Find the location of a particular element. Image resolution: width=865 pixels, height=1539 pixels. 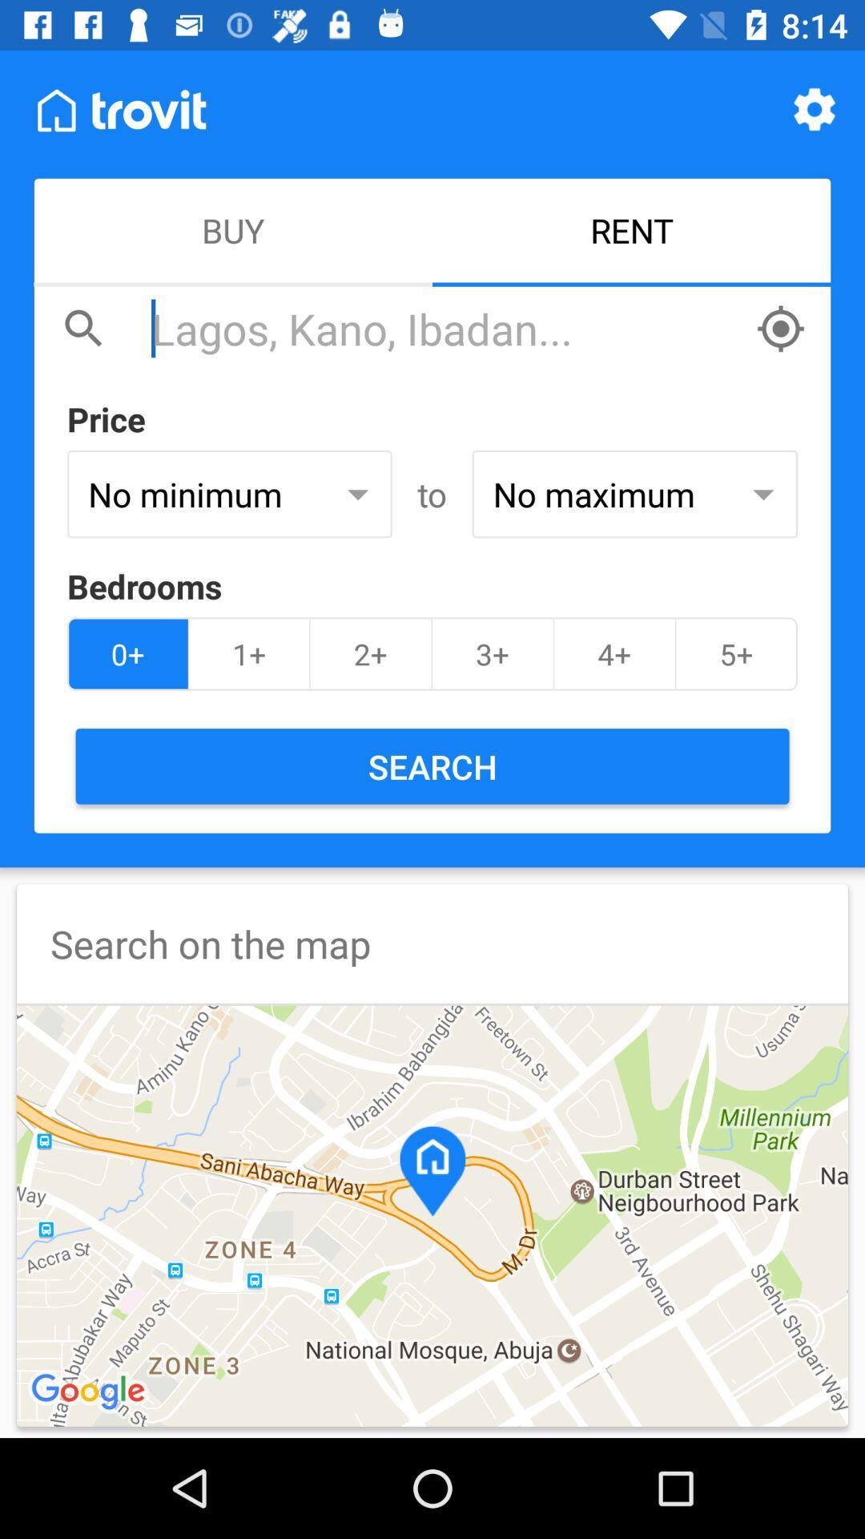

direction is located at coordinates (780, 328).